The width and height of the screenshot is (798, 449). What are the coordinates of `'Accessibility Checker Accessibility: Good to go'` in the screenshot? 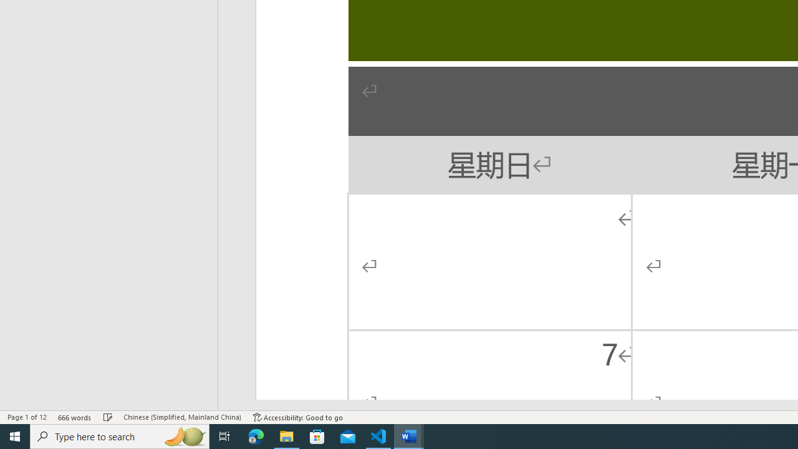 It's located at (297, 417).